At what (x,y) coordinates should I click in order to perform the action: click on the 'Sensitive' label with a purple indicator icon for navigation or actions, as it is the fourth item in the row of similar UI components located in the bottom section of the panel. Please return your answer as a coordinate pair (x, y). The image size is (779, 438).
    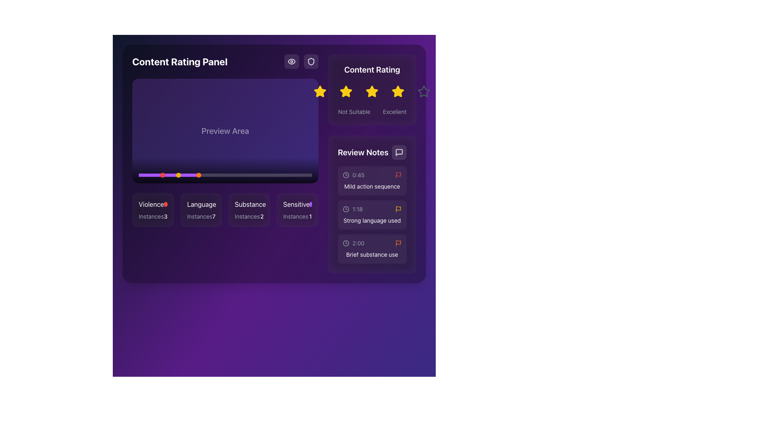
    Looking at the image, I should click on (297, 204).